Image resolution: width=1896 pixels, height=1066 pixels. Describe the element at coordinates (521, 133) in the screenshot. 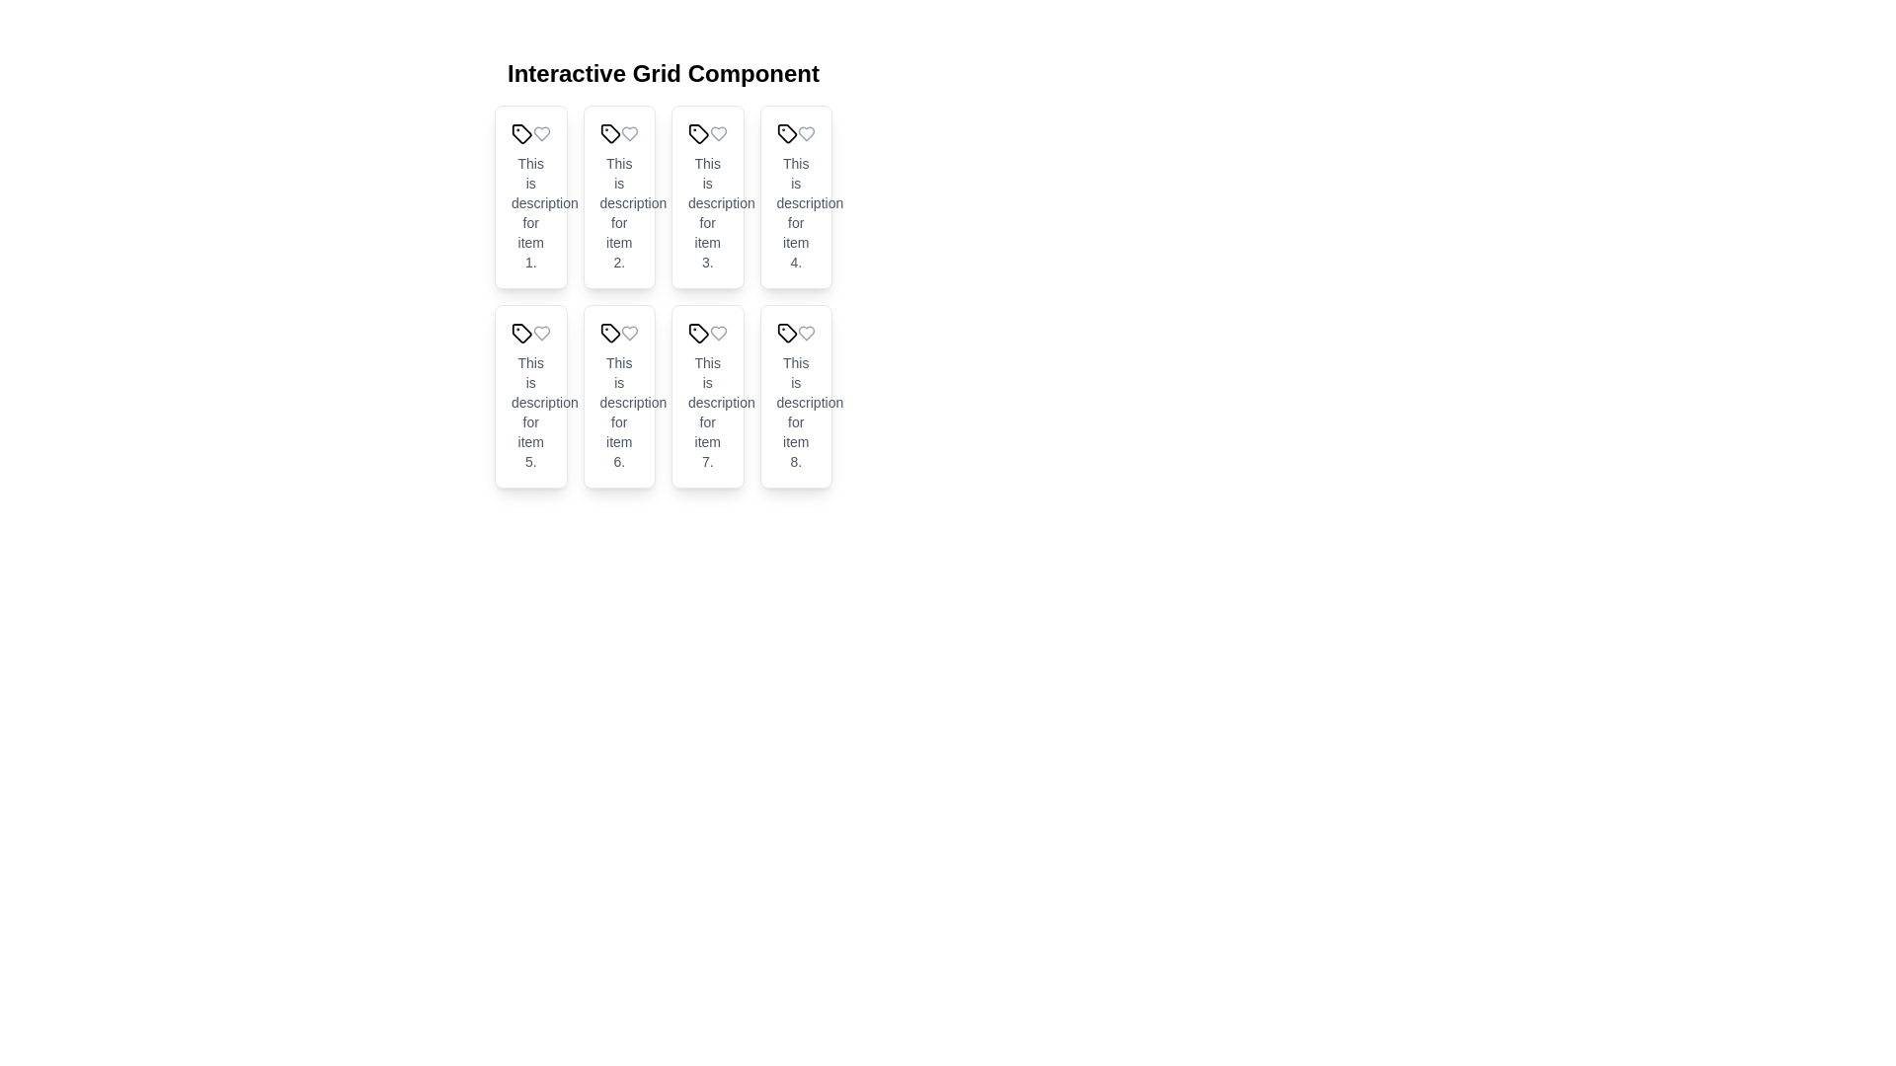

I see `the tag icon located at the top-left corner of the interface, which represents a label or category for the item` at that location.